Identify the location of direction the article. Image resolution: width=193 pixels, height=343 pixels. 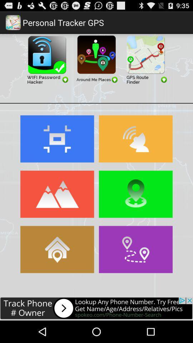
(135, 249).